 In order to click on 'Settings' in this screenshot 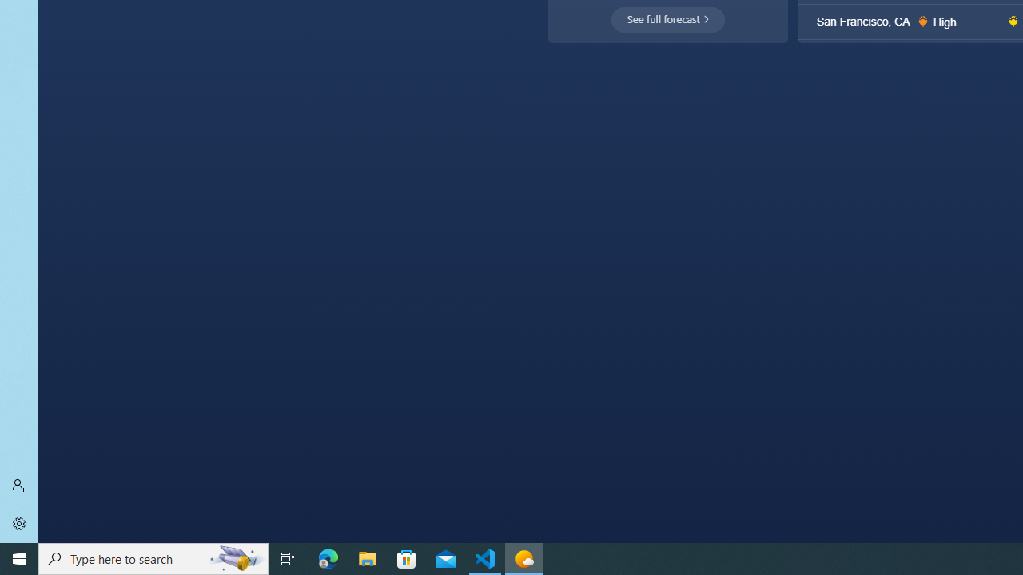, I will do `click(19, 523)`.